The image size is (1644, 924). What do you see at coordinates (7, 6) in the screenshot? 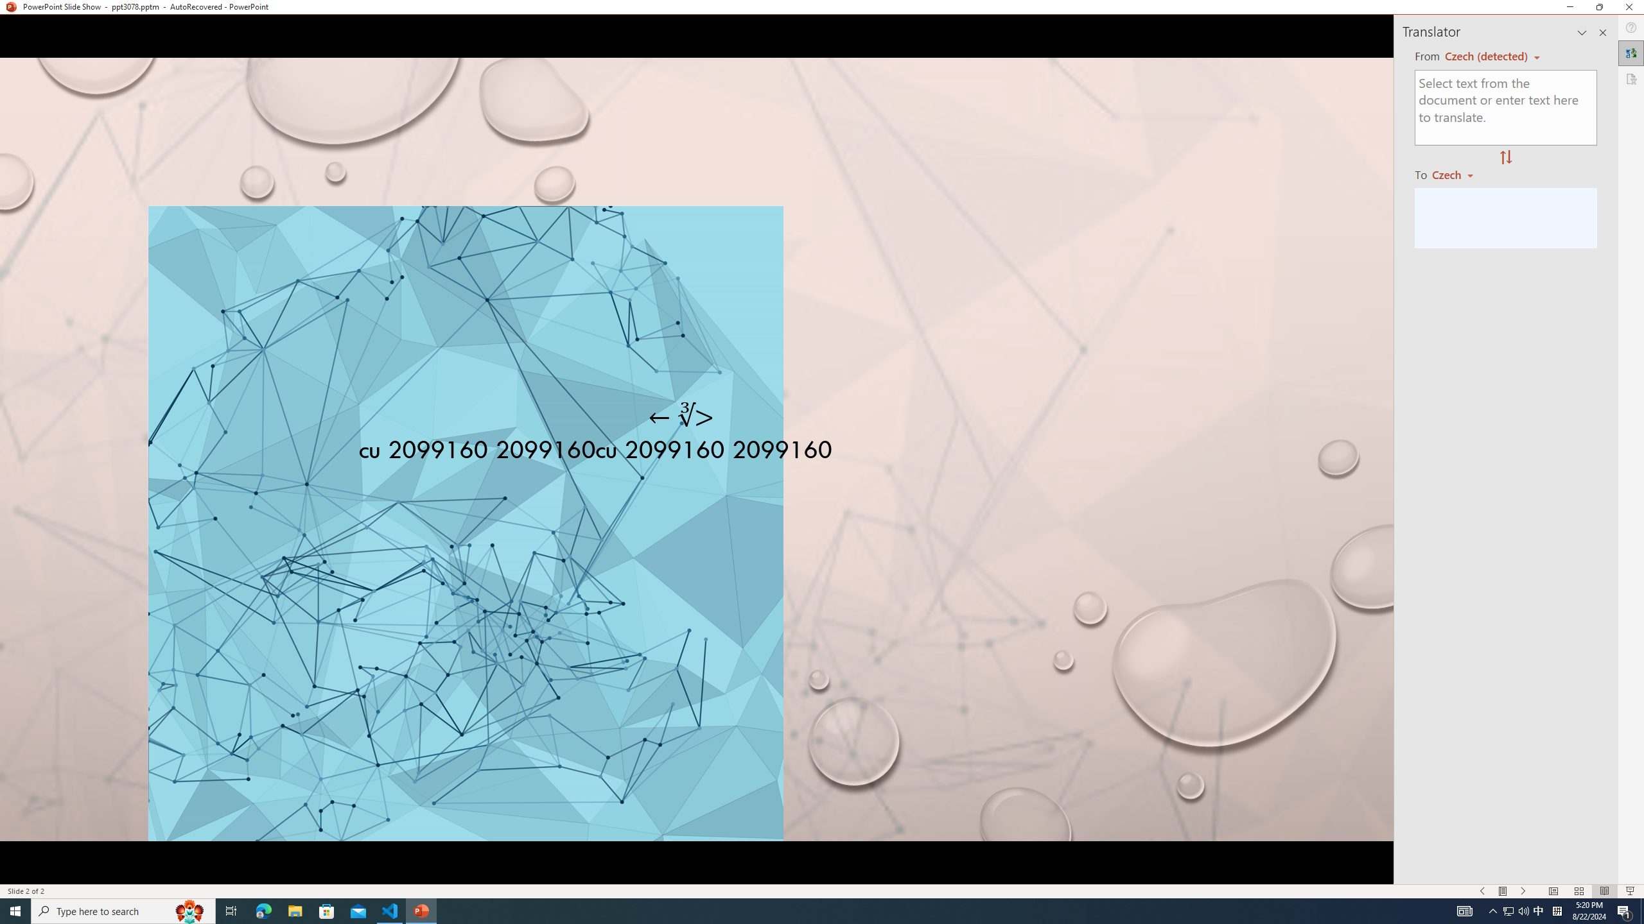
I see `'System'` at bounding box center [7, 6].